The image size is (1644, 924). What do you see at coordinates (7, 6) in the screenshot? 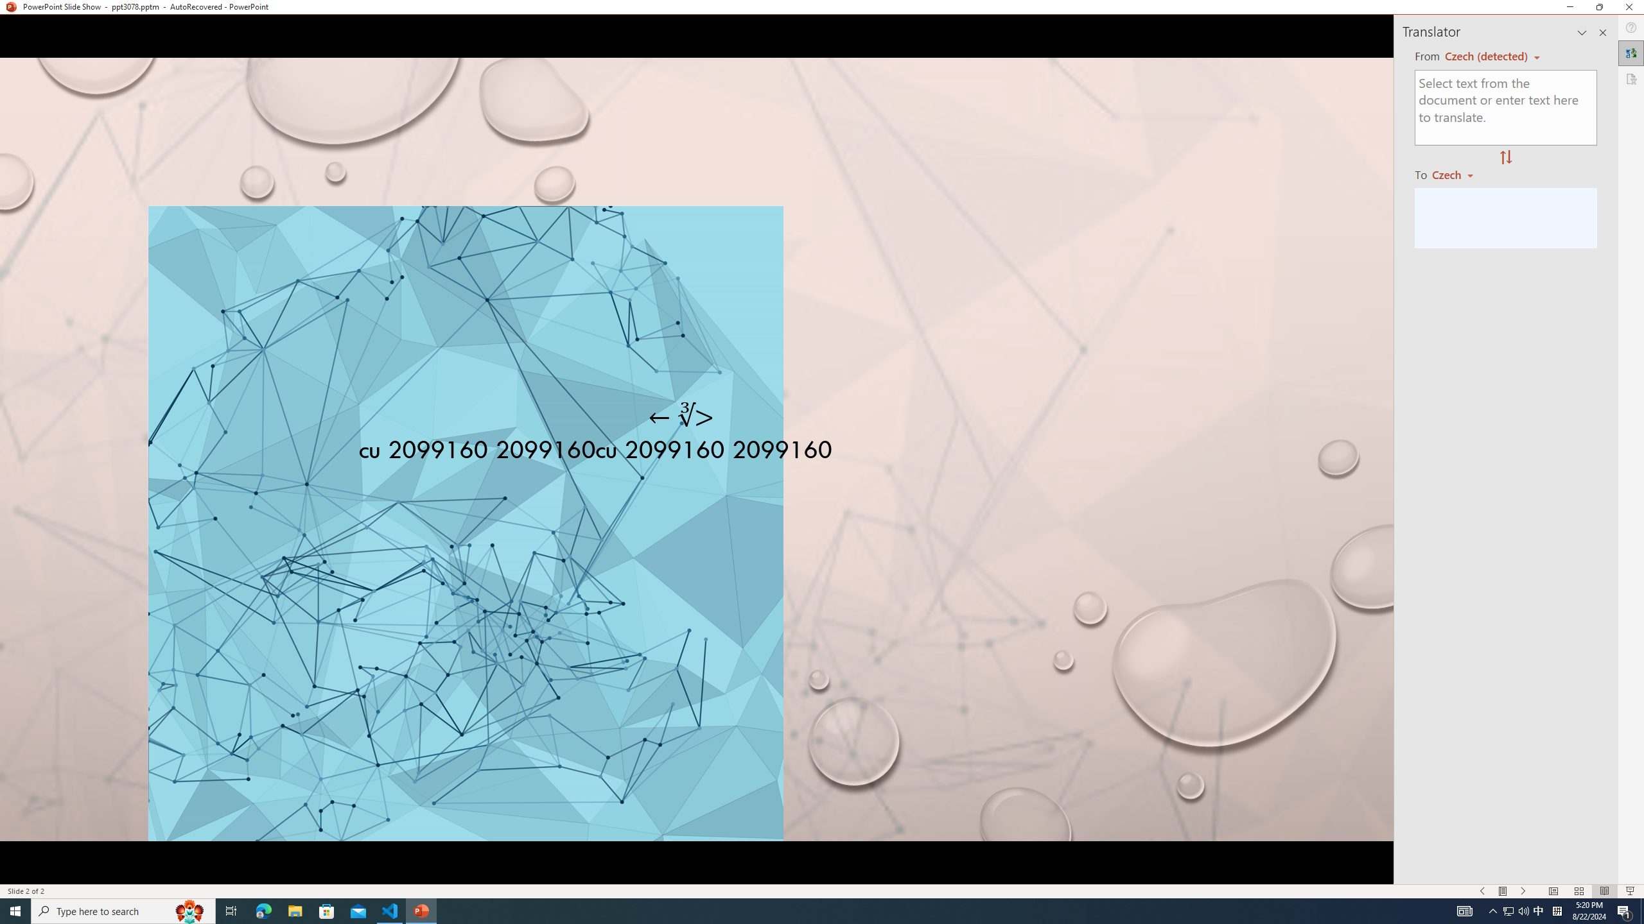
I see `'System'` at bounding box center [7, 6].